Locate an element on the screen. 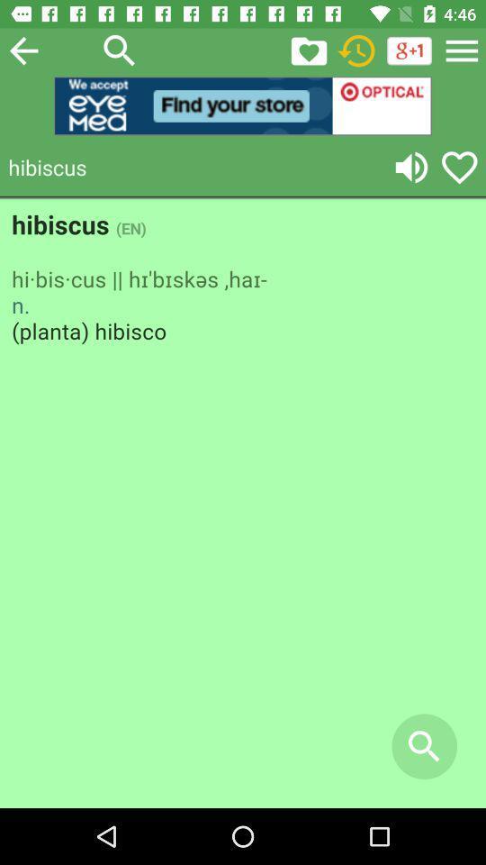  search option is located at coordinates (120, 50).